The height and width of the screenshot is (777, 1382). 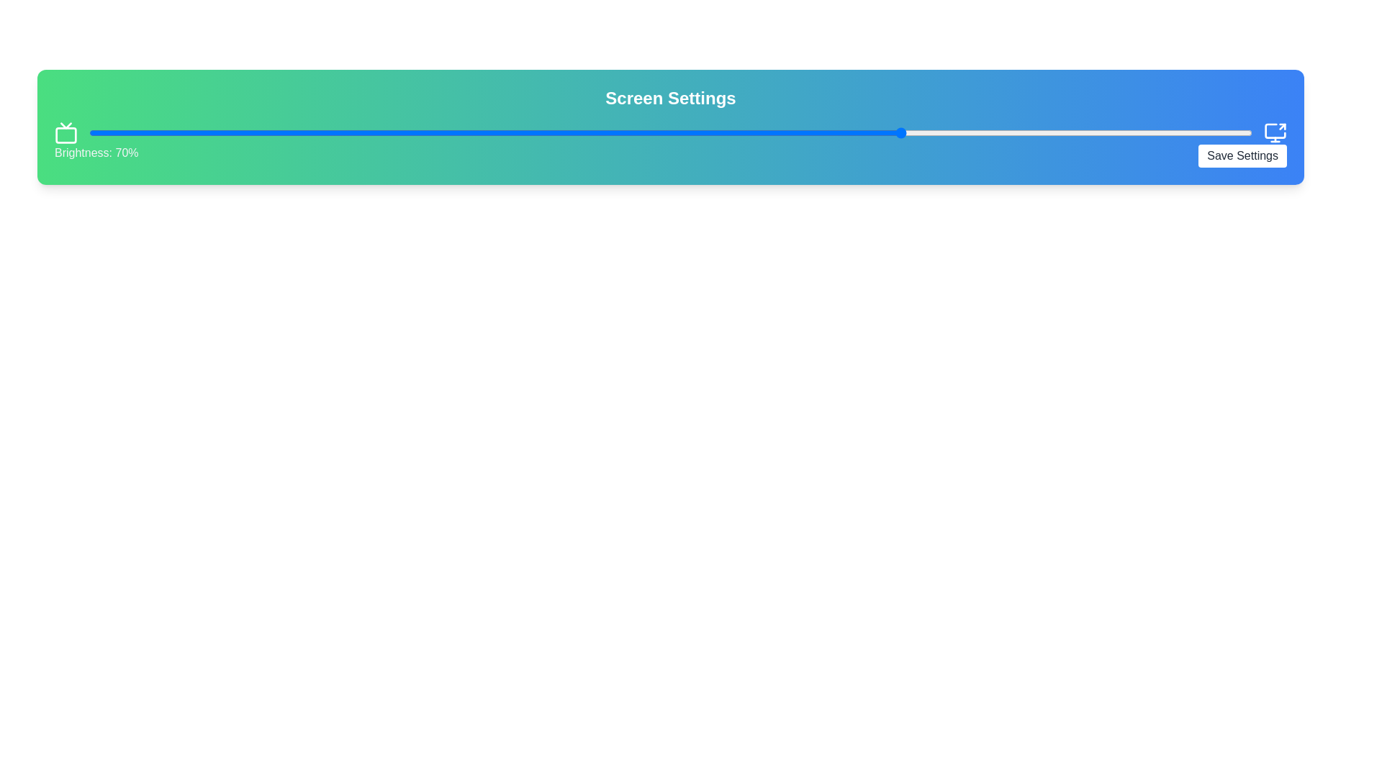 I want to click on 'Save Settings' button to save the current configuration, so click(x=1242, y=155).